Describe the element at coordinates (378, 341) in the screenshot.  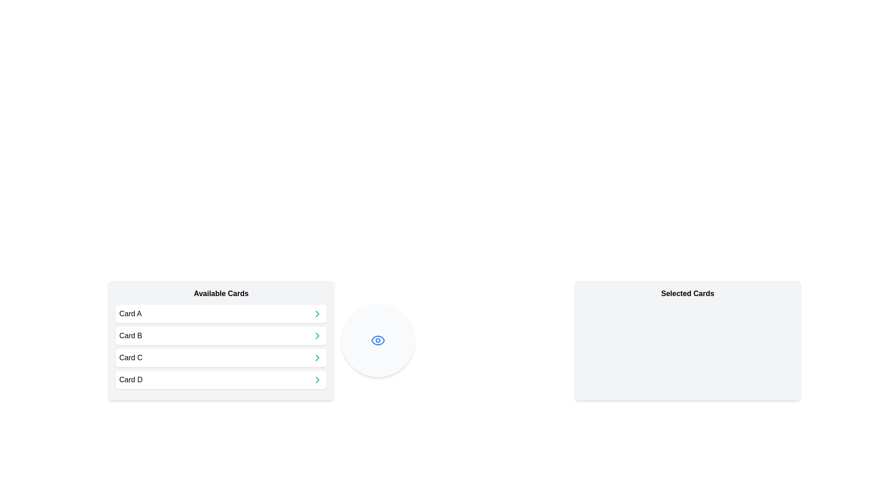
I see `eye icon in the center of the component` at that location.